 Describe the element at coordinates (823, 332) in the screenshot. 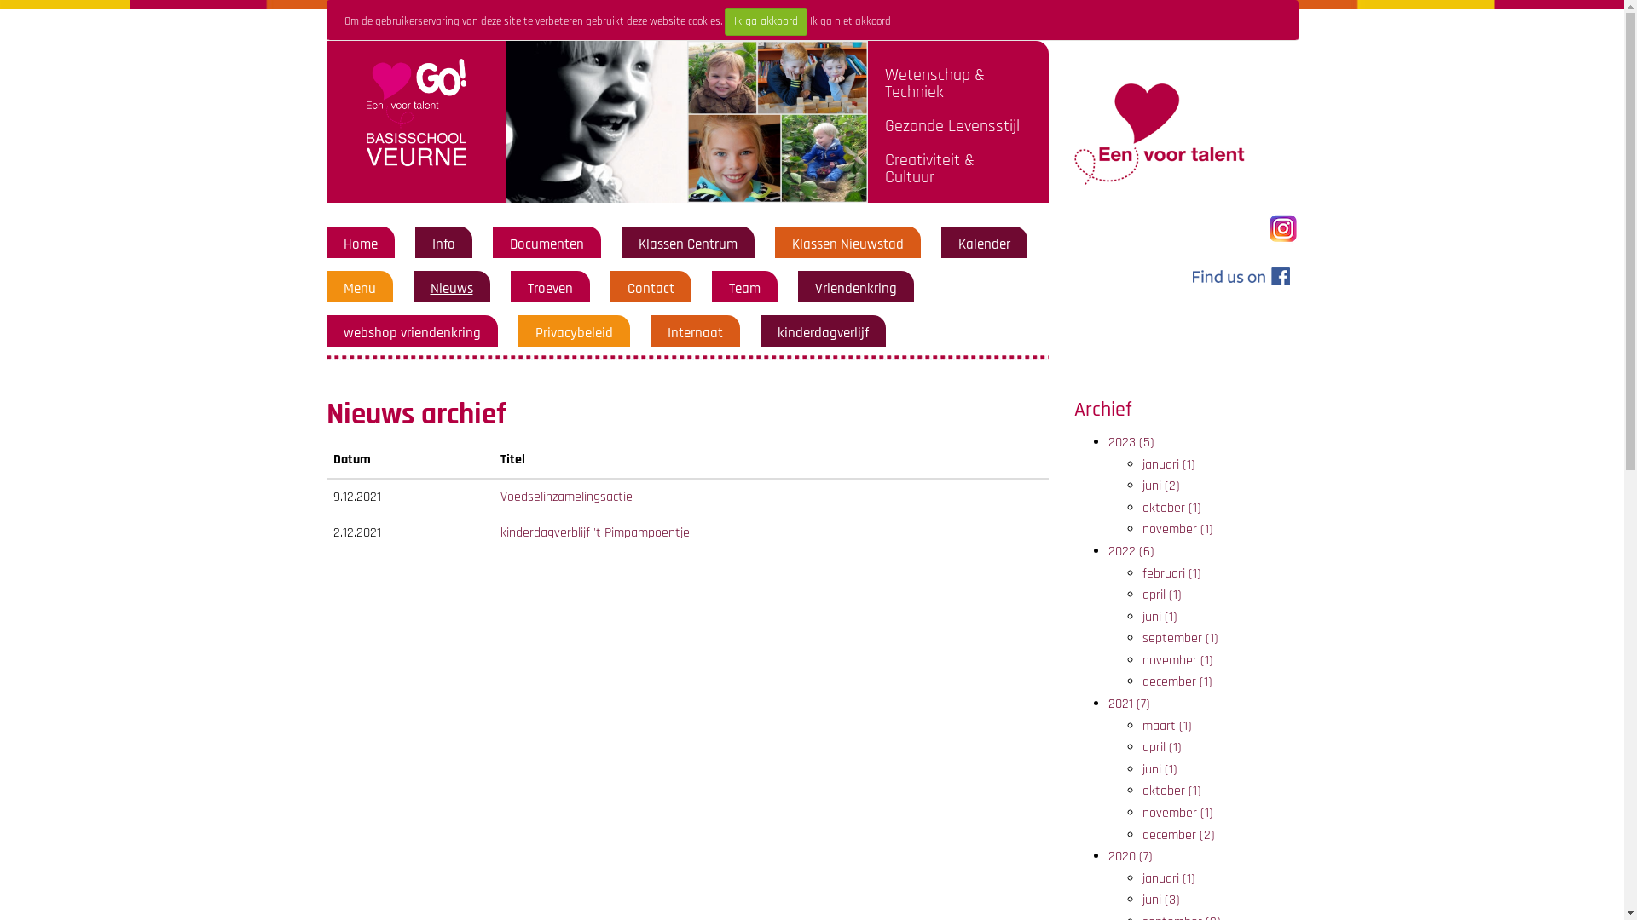

I see `'kinderdagverlijf'` at that location.